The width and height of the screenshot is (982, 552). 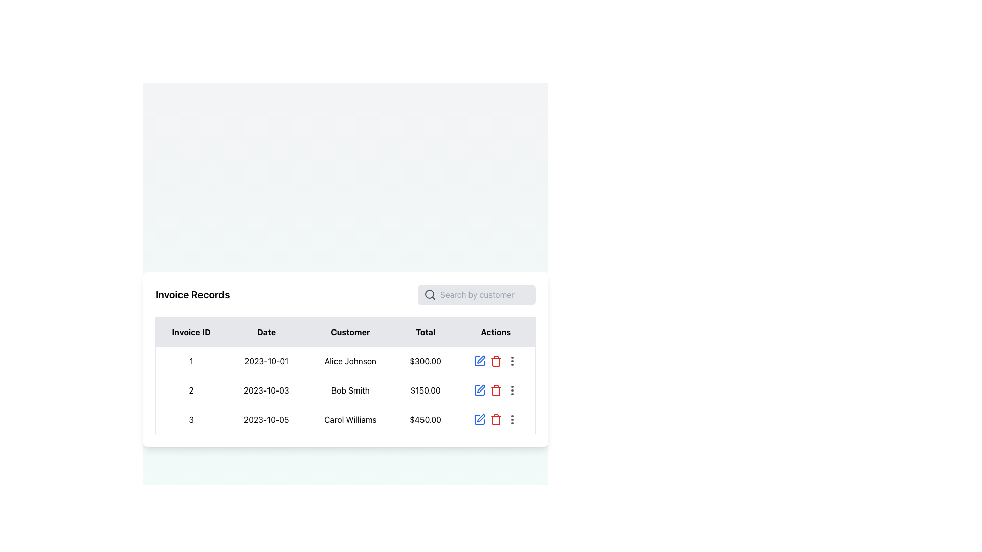 What do you see at coordinates (430, 294) in the screenshot?
I see `the magnifying glass icon, which is styled in gray and positioned to the left of the 'Search by customer' input field` at bounding box center [430, 294].